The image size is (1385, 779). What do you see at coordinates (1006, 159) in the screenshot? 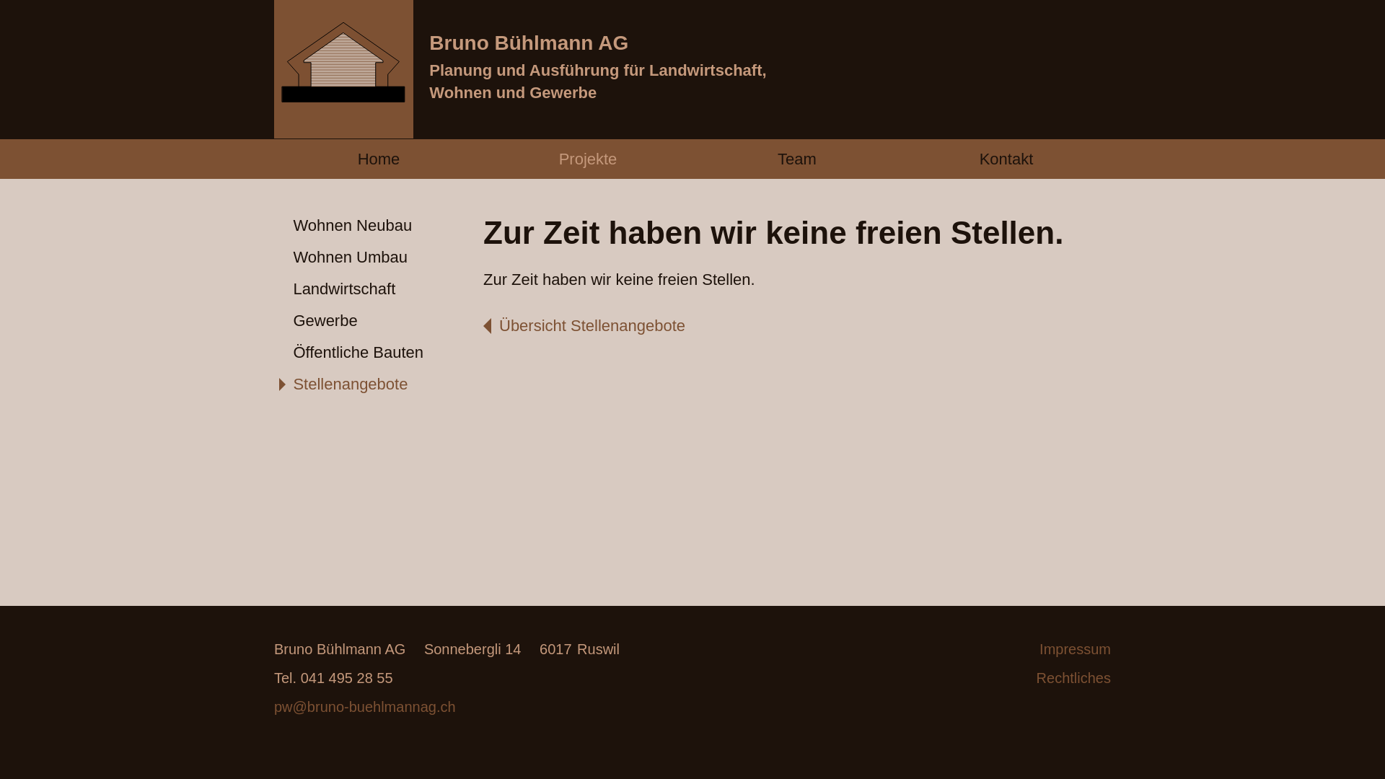
I see `'Kontakt'` at bounding box center [1006, 159].